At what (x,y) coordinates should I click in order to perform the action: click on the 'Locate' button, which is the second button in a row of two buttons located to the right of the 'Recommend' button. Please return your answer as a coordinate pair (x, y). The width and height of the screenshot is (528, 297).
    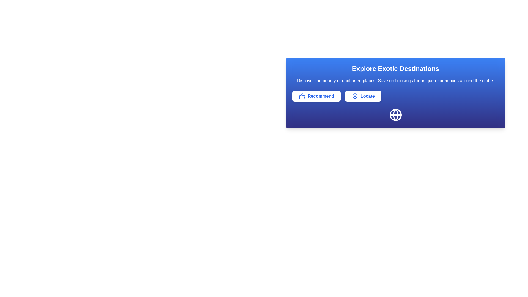
    Looking at the image, I should click on (363, 96).